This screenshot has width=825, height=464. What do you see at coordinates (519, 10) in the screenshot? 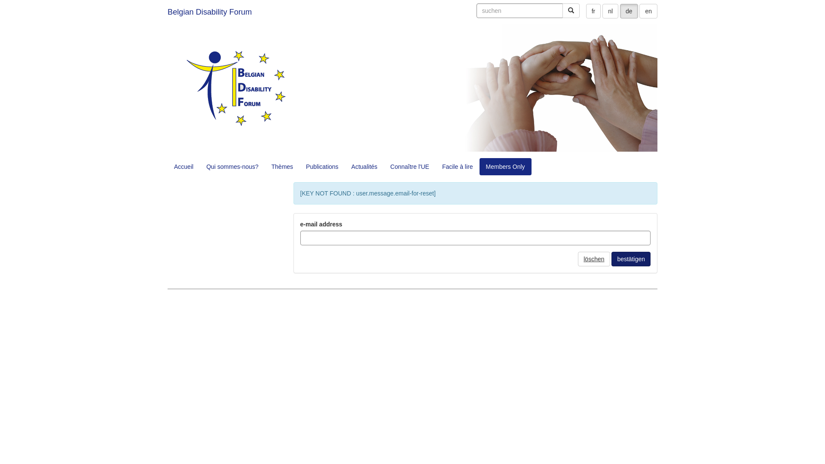
I see `'suchen'` at bounding box center [519, 10].